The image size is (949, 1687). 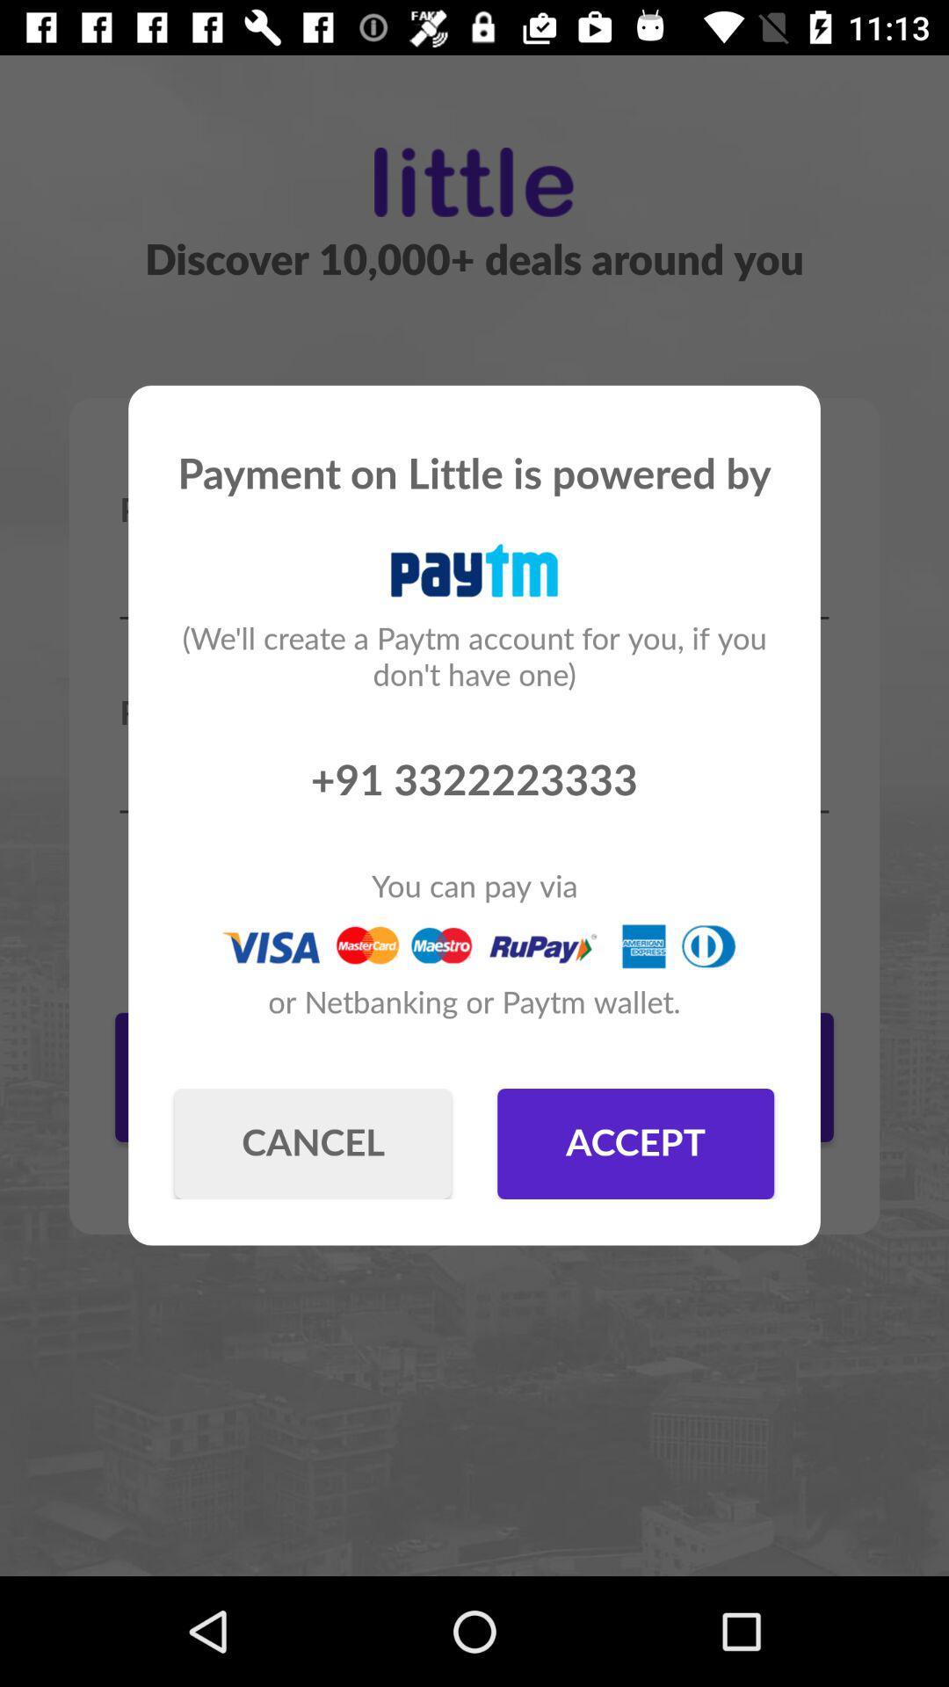 I want to click on item at the bottom right corner, so click(x=635, y=1143).